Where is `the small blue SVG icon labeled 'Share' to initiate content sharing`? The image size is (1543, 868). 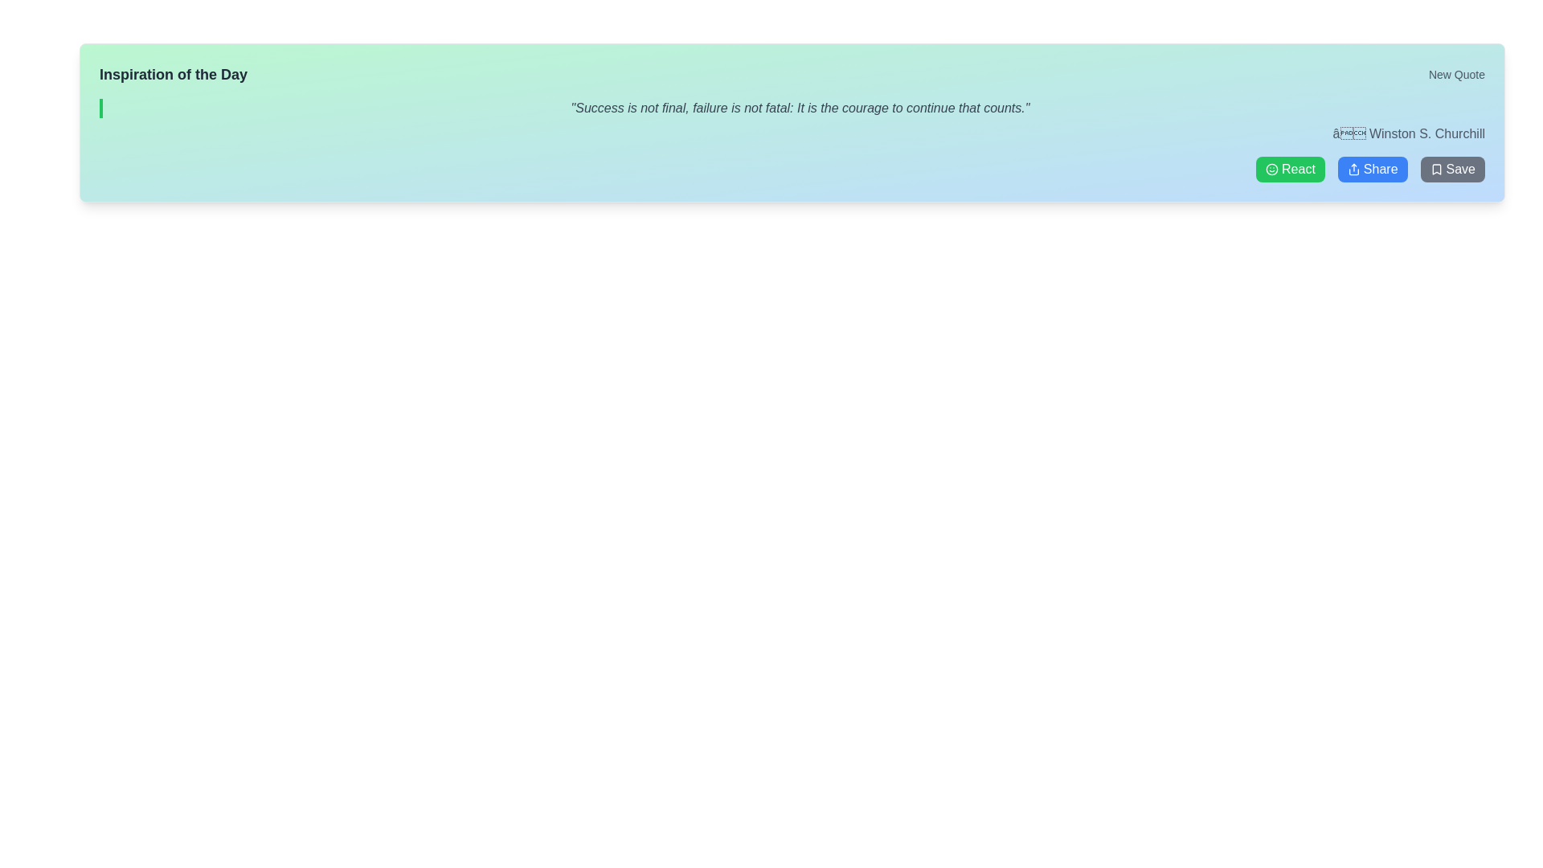 the small blue SVG icon labeled 'Share' to initiate content sharing is located at coordinates (1353, 170).